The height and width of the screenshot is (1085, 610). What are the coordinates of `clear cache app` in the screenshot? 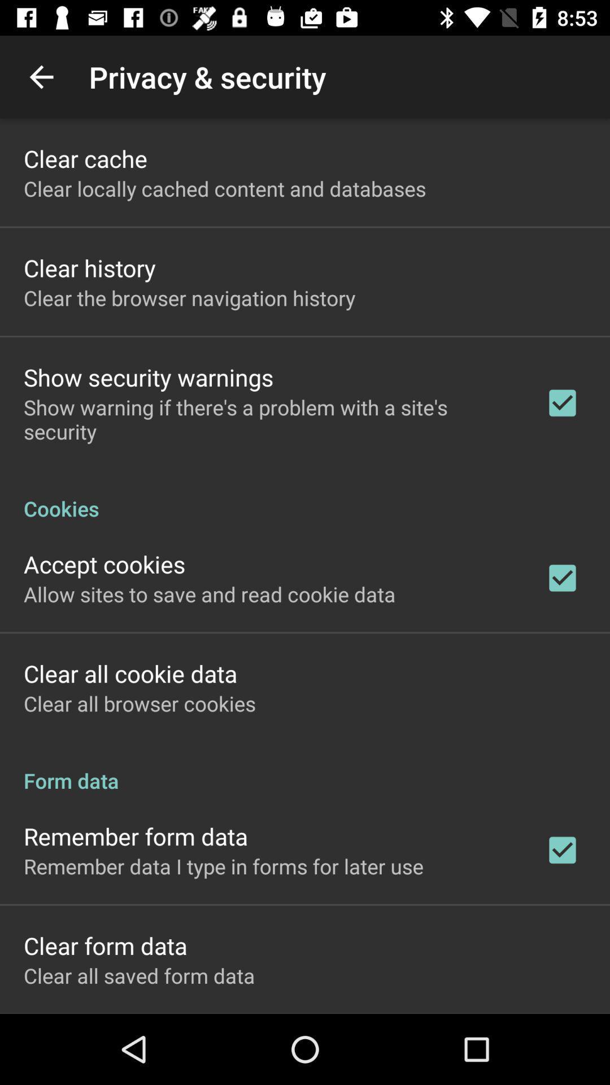 It's located at (85, 158).